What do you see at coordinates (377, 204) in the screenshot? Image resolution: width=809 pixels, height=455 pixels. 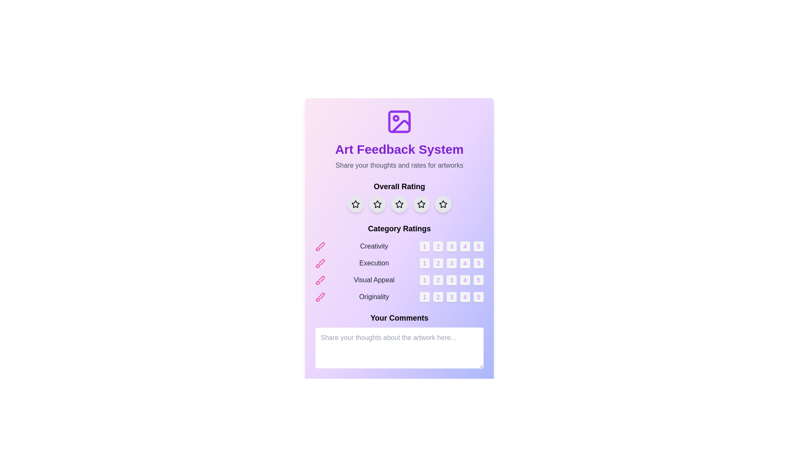 I see `the second star icon in the rating system` at bounding box center [377, 204].